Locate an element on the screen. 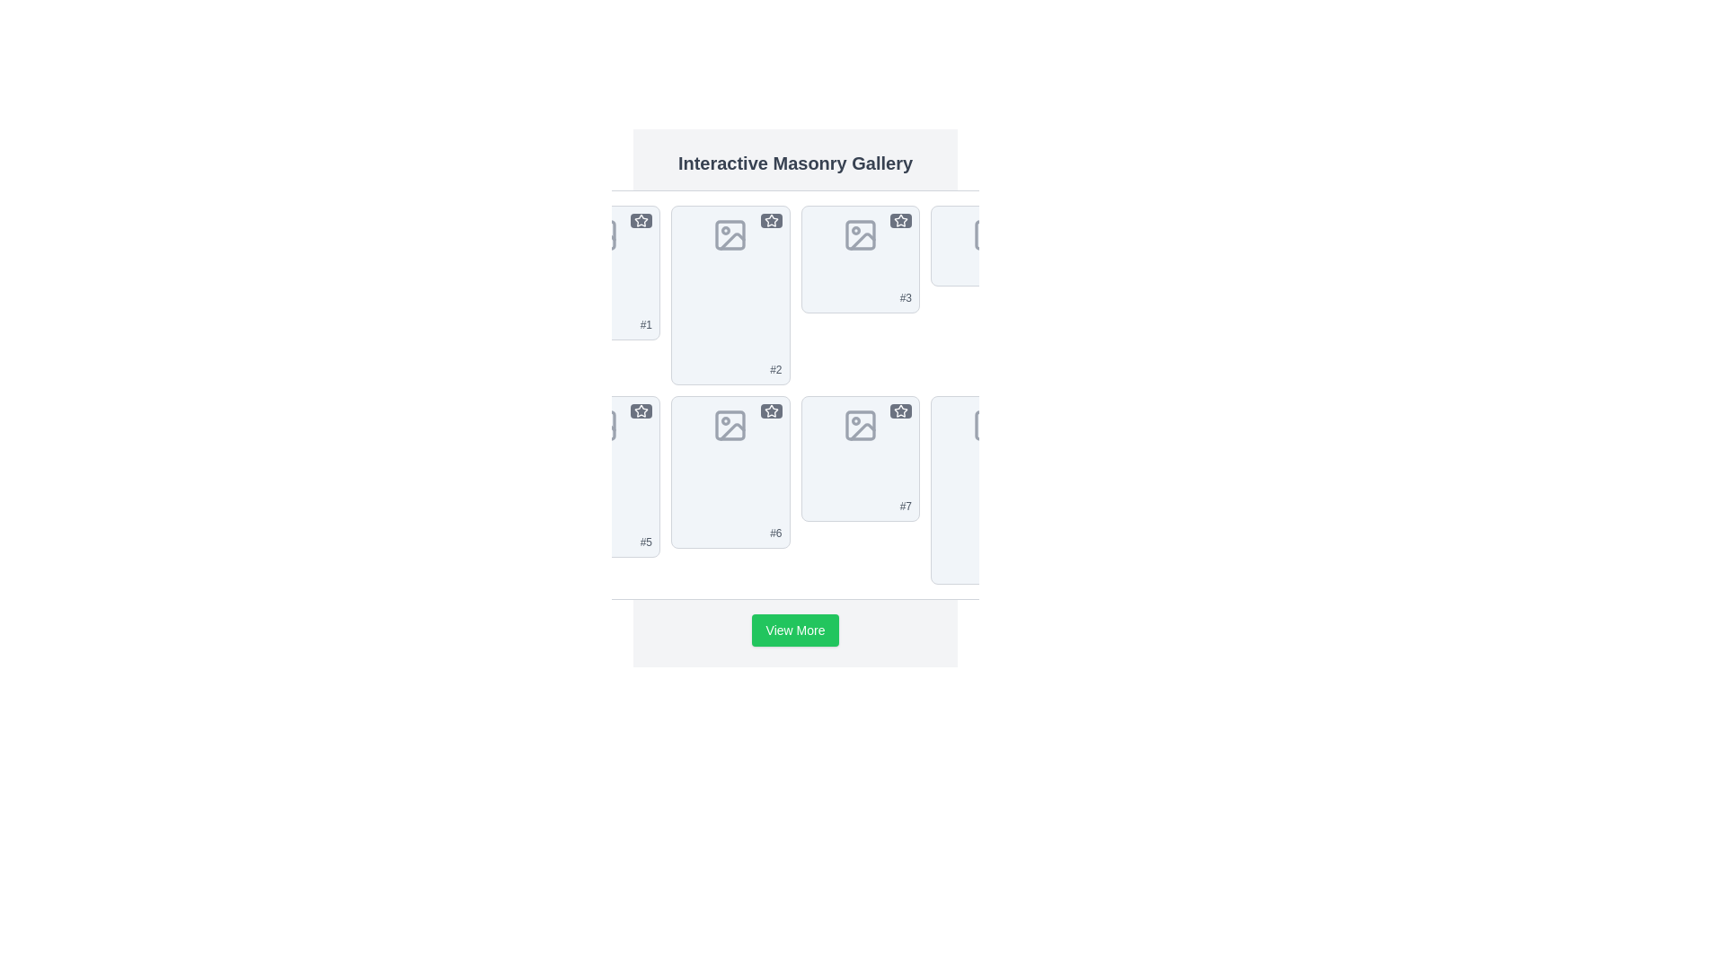 The image size is (1725, 970). the rectangular gray card with rounded corners and a light gray border that contains an ID number (#5) at the bottom-right is located at coordinates (600, 476).